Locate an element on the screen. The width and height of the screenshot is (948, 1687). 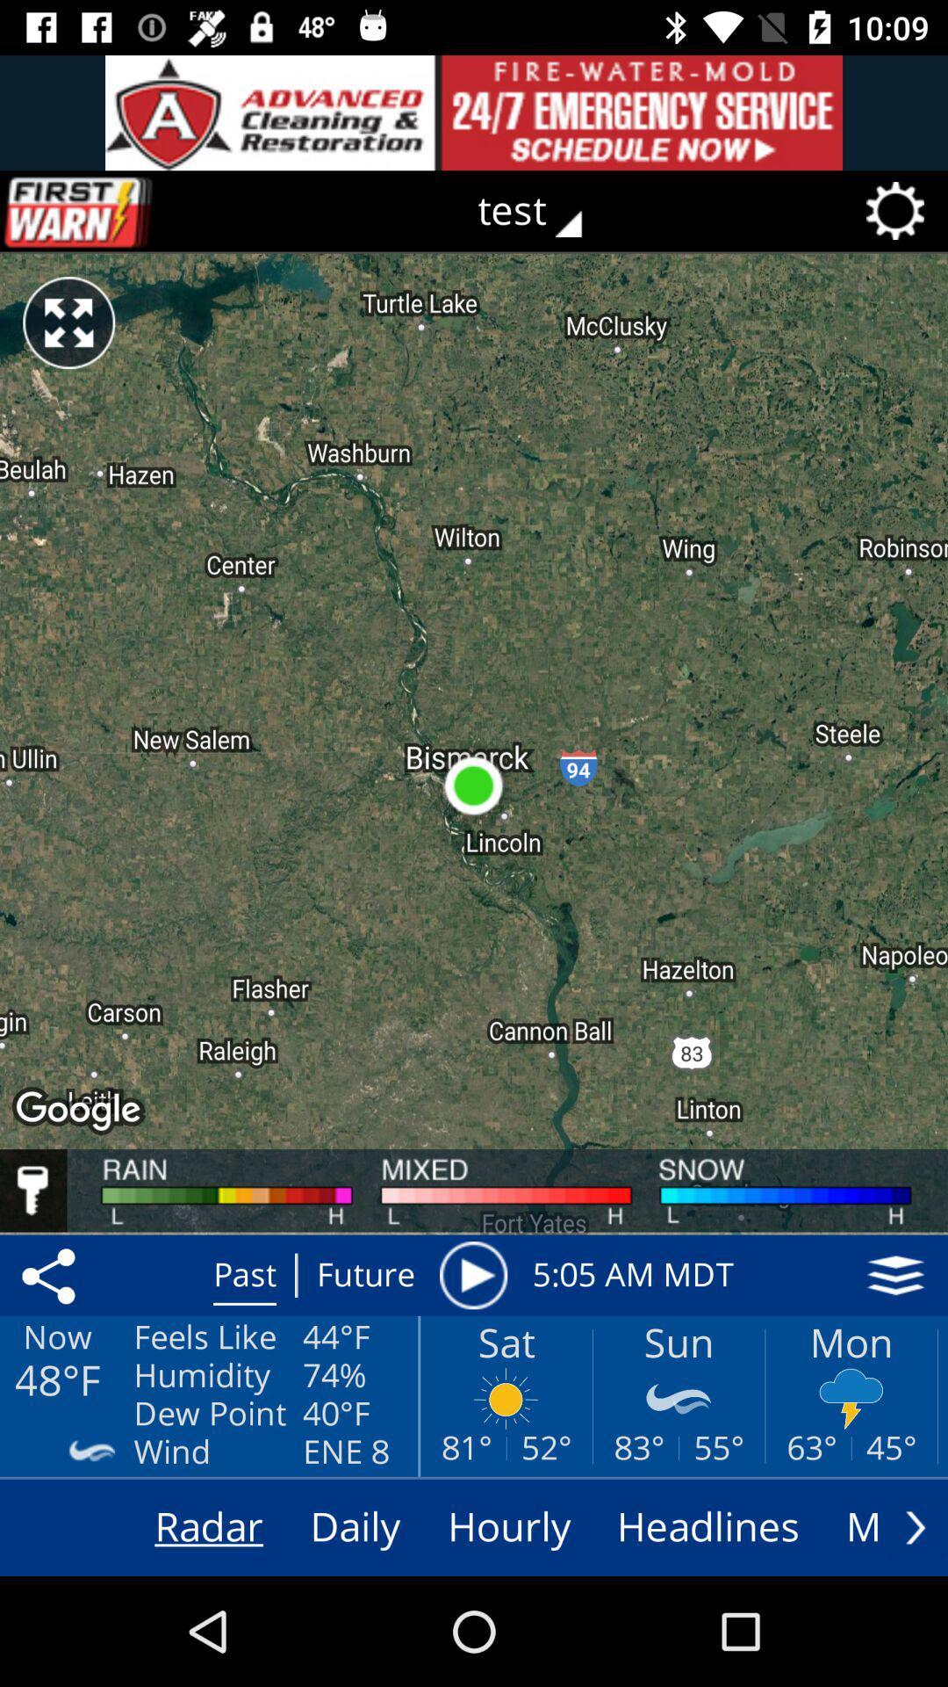
share is located at coordinates (51, 1275).